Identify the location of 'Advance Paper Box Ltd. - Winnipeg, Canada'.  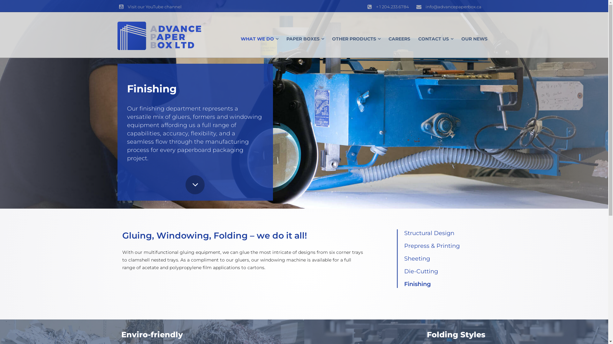
(159, 36).